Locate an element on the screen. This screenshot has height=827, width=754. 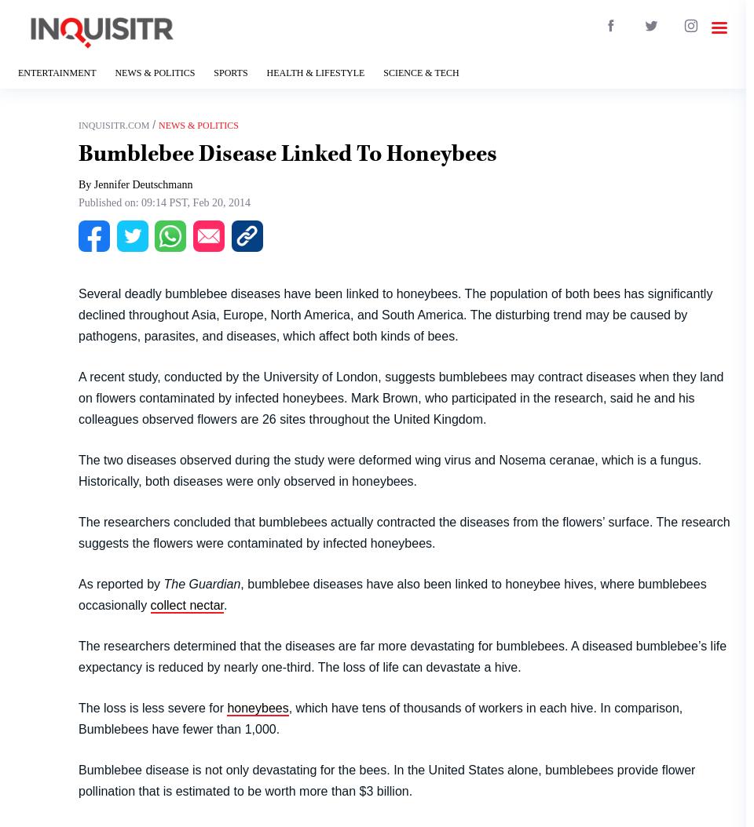
'By Jennifer Deutschmann' is located at coordinates (134, 184).